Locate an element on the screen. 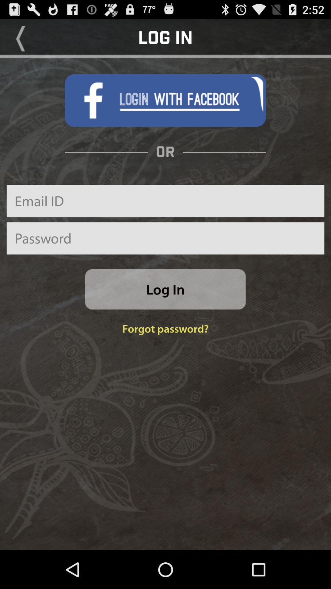  password is located at coordinates (165, 238).